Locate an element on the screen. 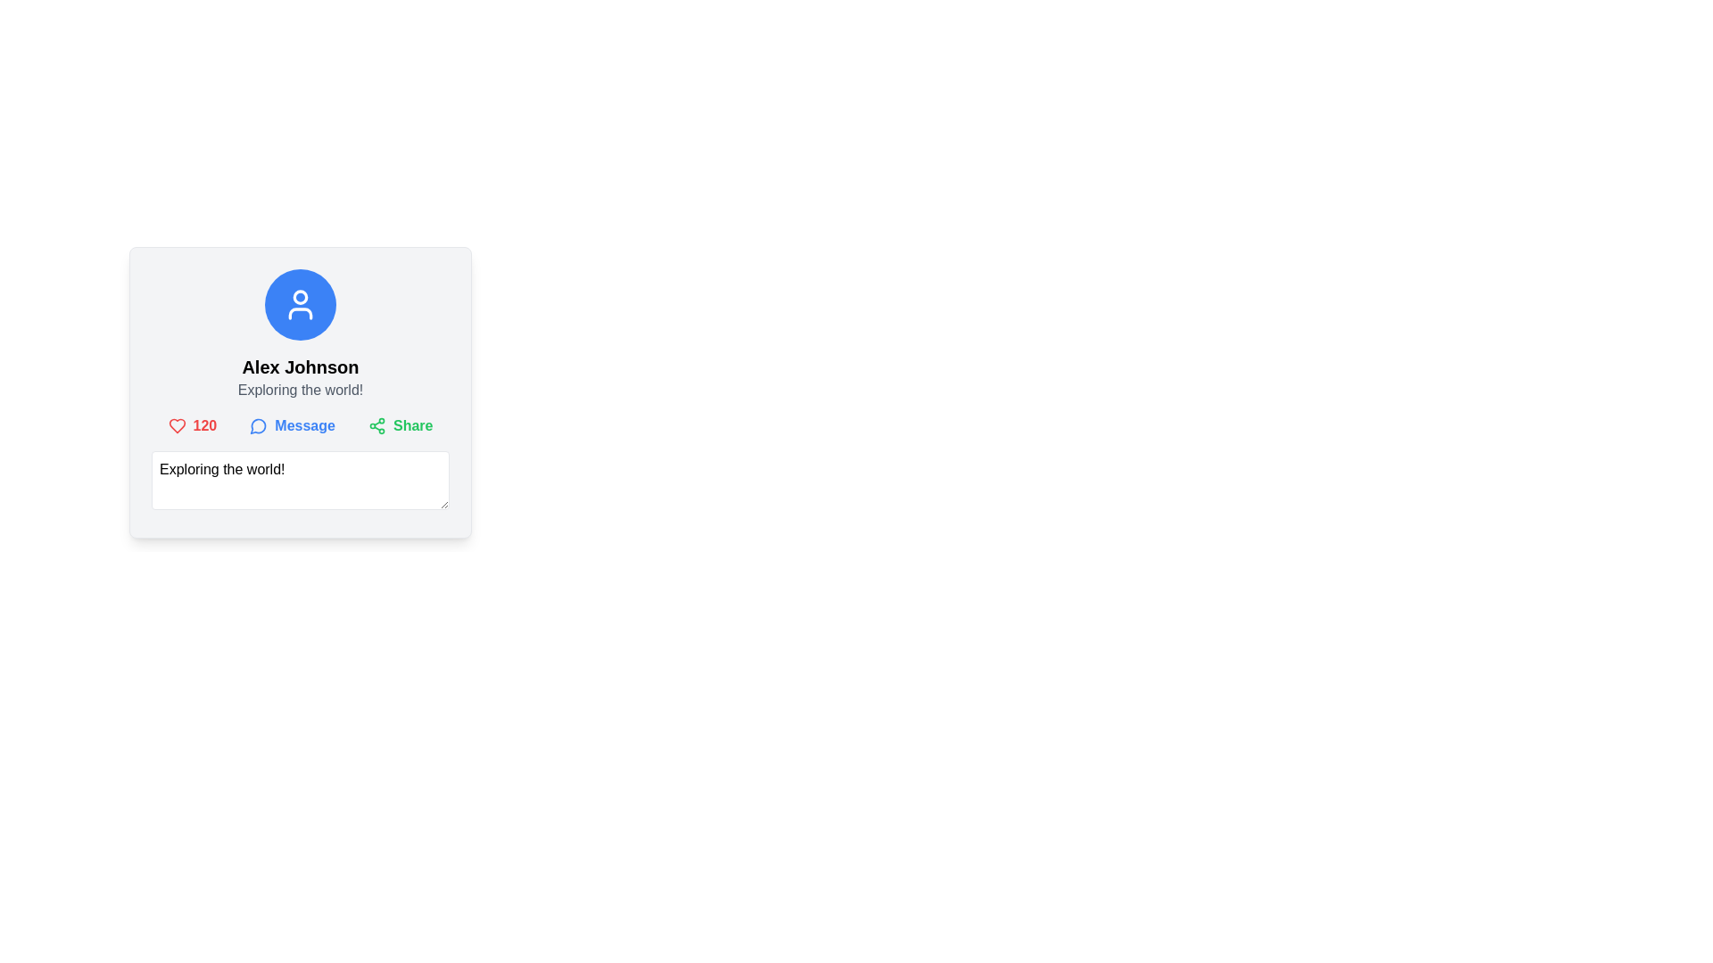 The height and width of the screenshot is (963, 1713). the messaging icon located within the 'Message' button, which is positioned to the left of the 'Message' text is located at coordinates (258, 426).